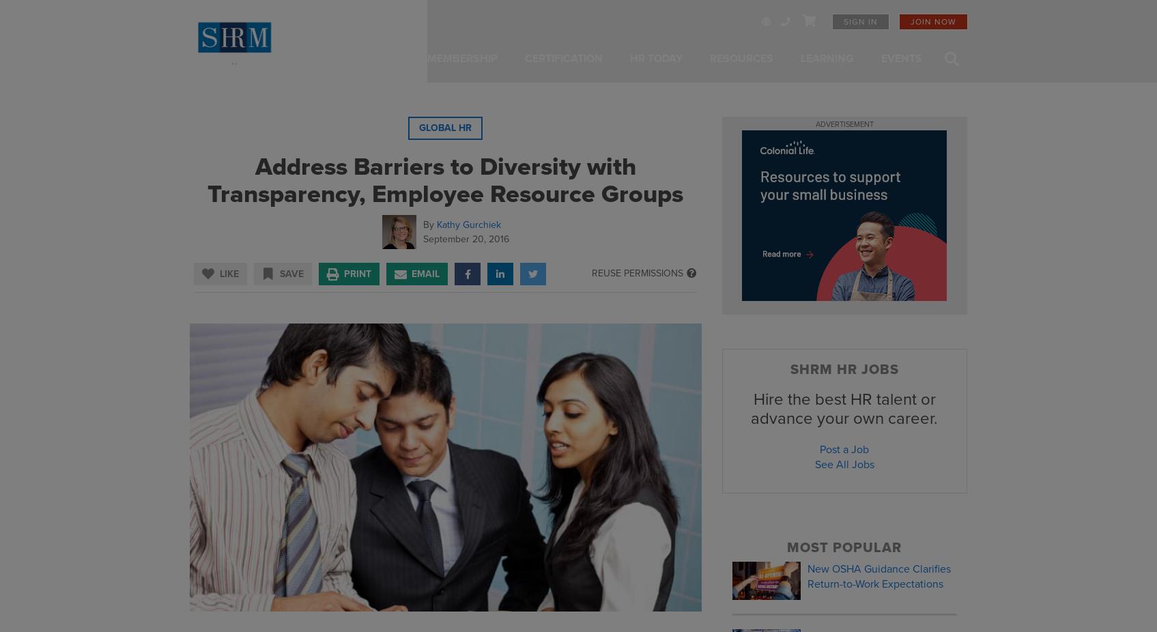 The height and width of the screenshot is (632, 1157). What do you see at coordinates (445, 180) in the screenshot?
I see `'Address Barriers to Diversity with Transparency, Employee Resource Groups'` at bounding box center [445, 180].